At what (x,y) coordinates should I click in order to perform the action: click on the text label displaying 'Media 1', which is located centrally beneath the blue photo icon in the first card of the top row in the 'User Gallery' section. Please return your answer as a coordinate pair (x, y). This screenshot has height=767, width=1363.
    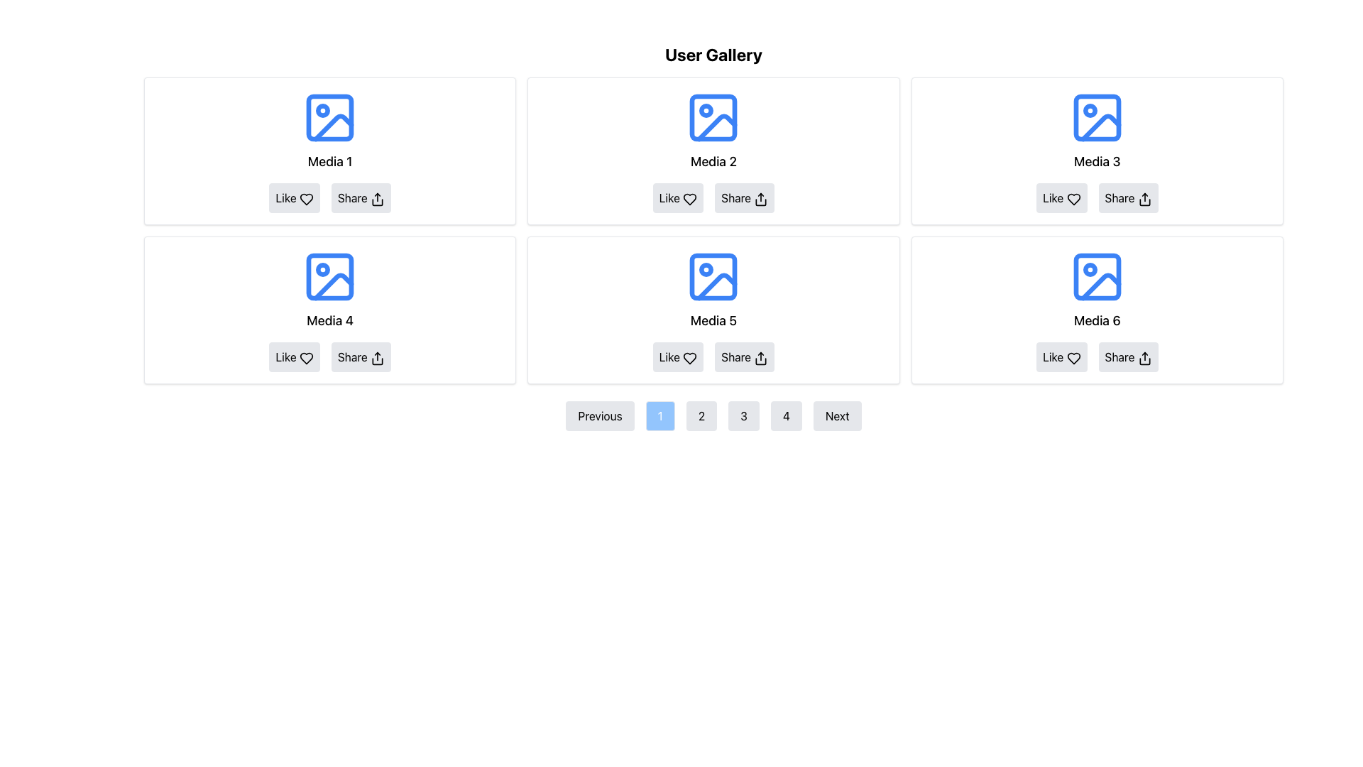
    Looking at the image, I should click on (329, 161).